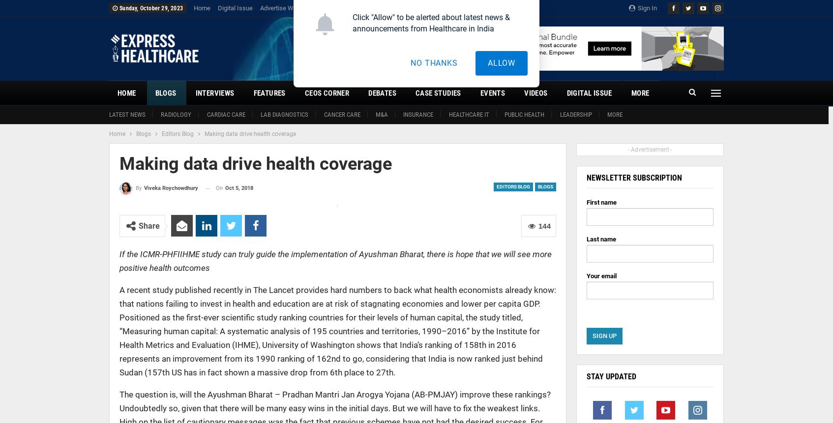 Image resolution: width=833 pixels, height=423 pixels. I want to click on 'Sign in', so click(636, 8).